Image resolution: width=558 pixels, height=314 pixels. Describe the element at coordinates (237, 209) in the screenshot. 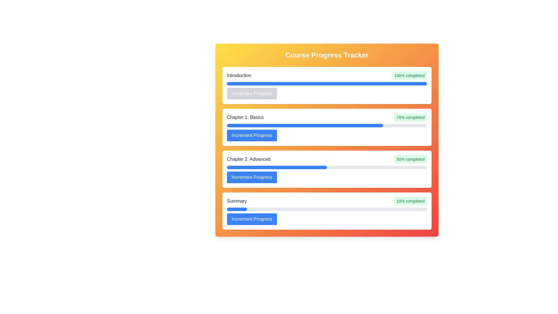

I see `the blue rounded progress bar segment located under the 'Summary' section of the interface, which represents the leftmost 10% of the progress indicator` at that location.